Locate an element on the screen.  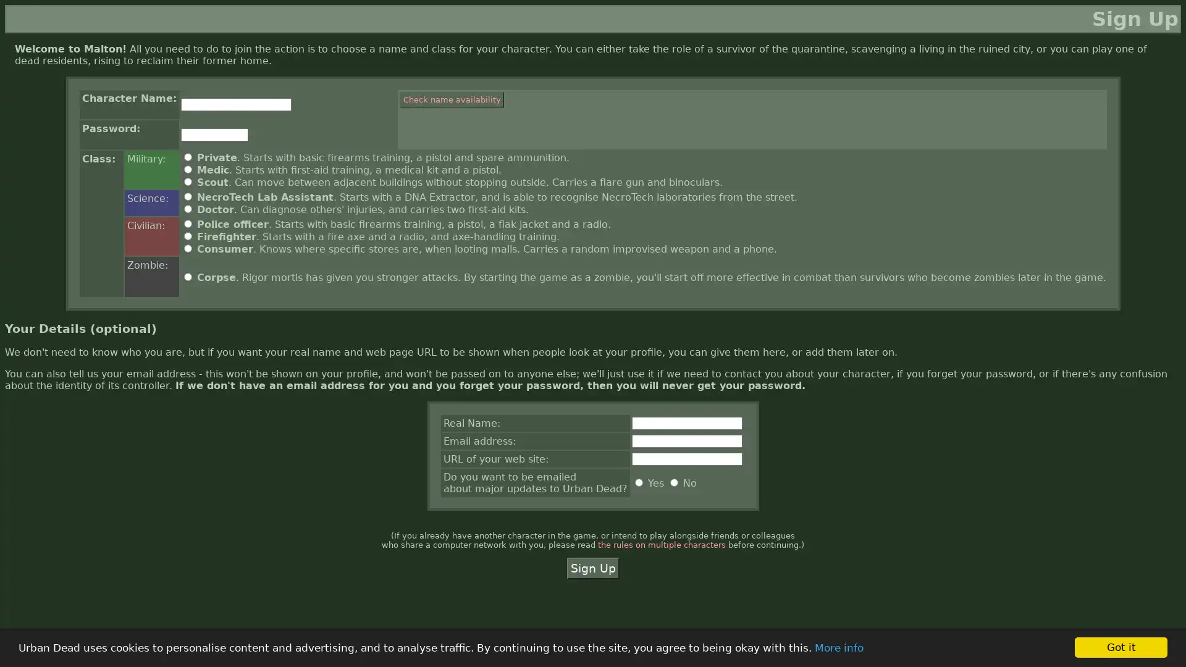
Sign Up is located at coordinates (592, 568).